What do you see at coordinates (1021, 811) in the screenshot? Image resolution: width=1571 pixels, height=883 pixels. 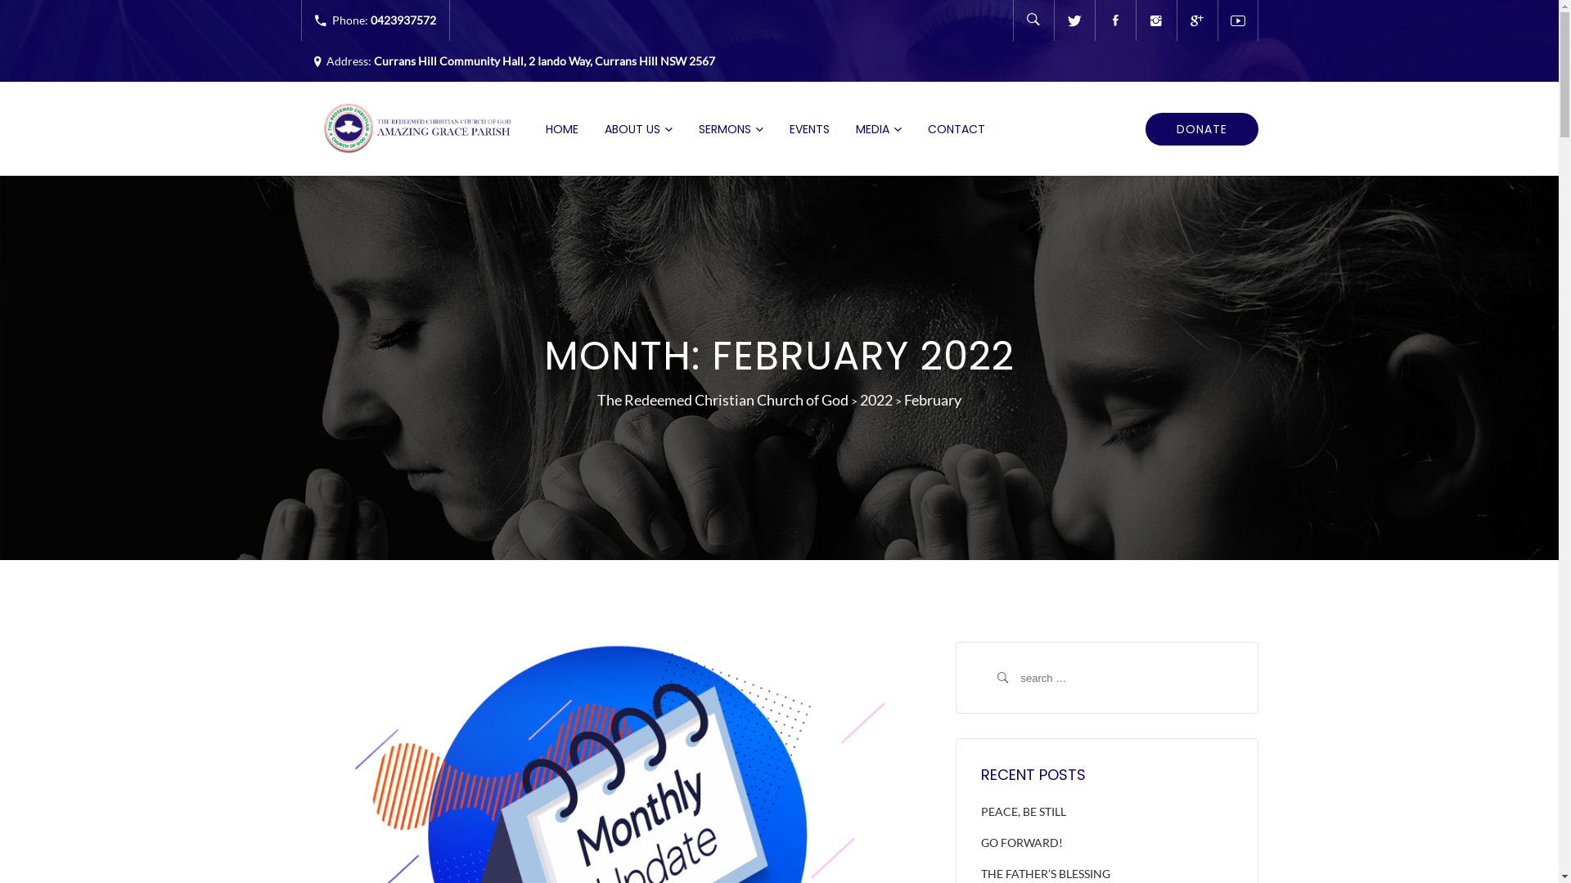 I see `'PEACE, BE STILL'` at bounding box center [1021, 811].